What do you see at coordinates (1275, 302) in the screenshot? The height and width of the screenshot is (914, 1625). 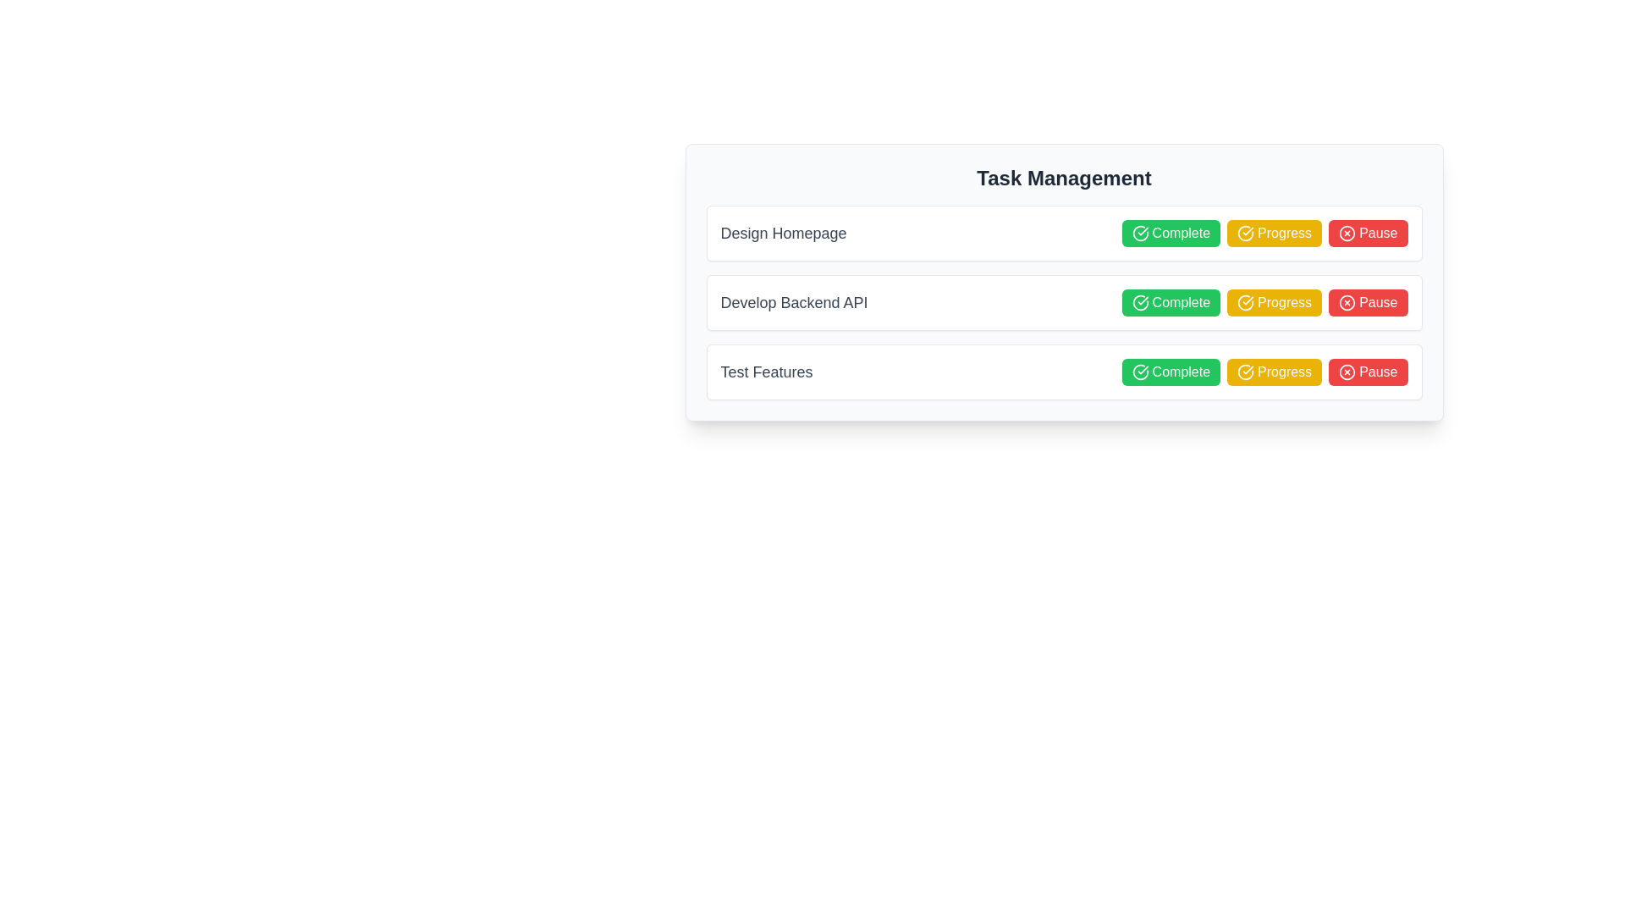 I see `the 'Progress' button in the 'Task Management' section` at bounding box center [1275, 302].